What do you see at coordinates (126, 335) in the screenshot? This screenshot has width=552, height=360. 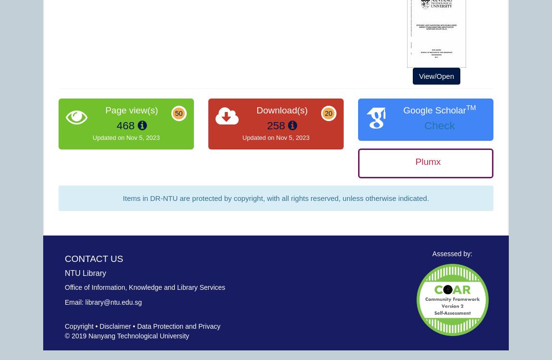 I see `'© 2019 Nanyang Technological University'` at bounding box center [126, 335].